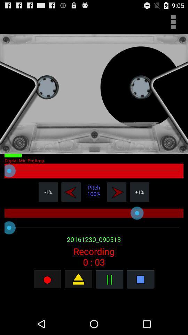 Image resolution: width=188 pixels, height=335 pixels. Describe the element at coordinates (117, 192) in the screenshot. I see `forward the song` at that location.